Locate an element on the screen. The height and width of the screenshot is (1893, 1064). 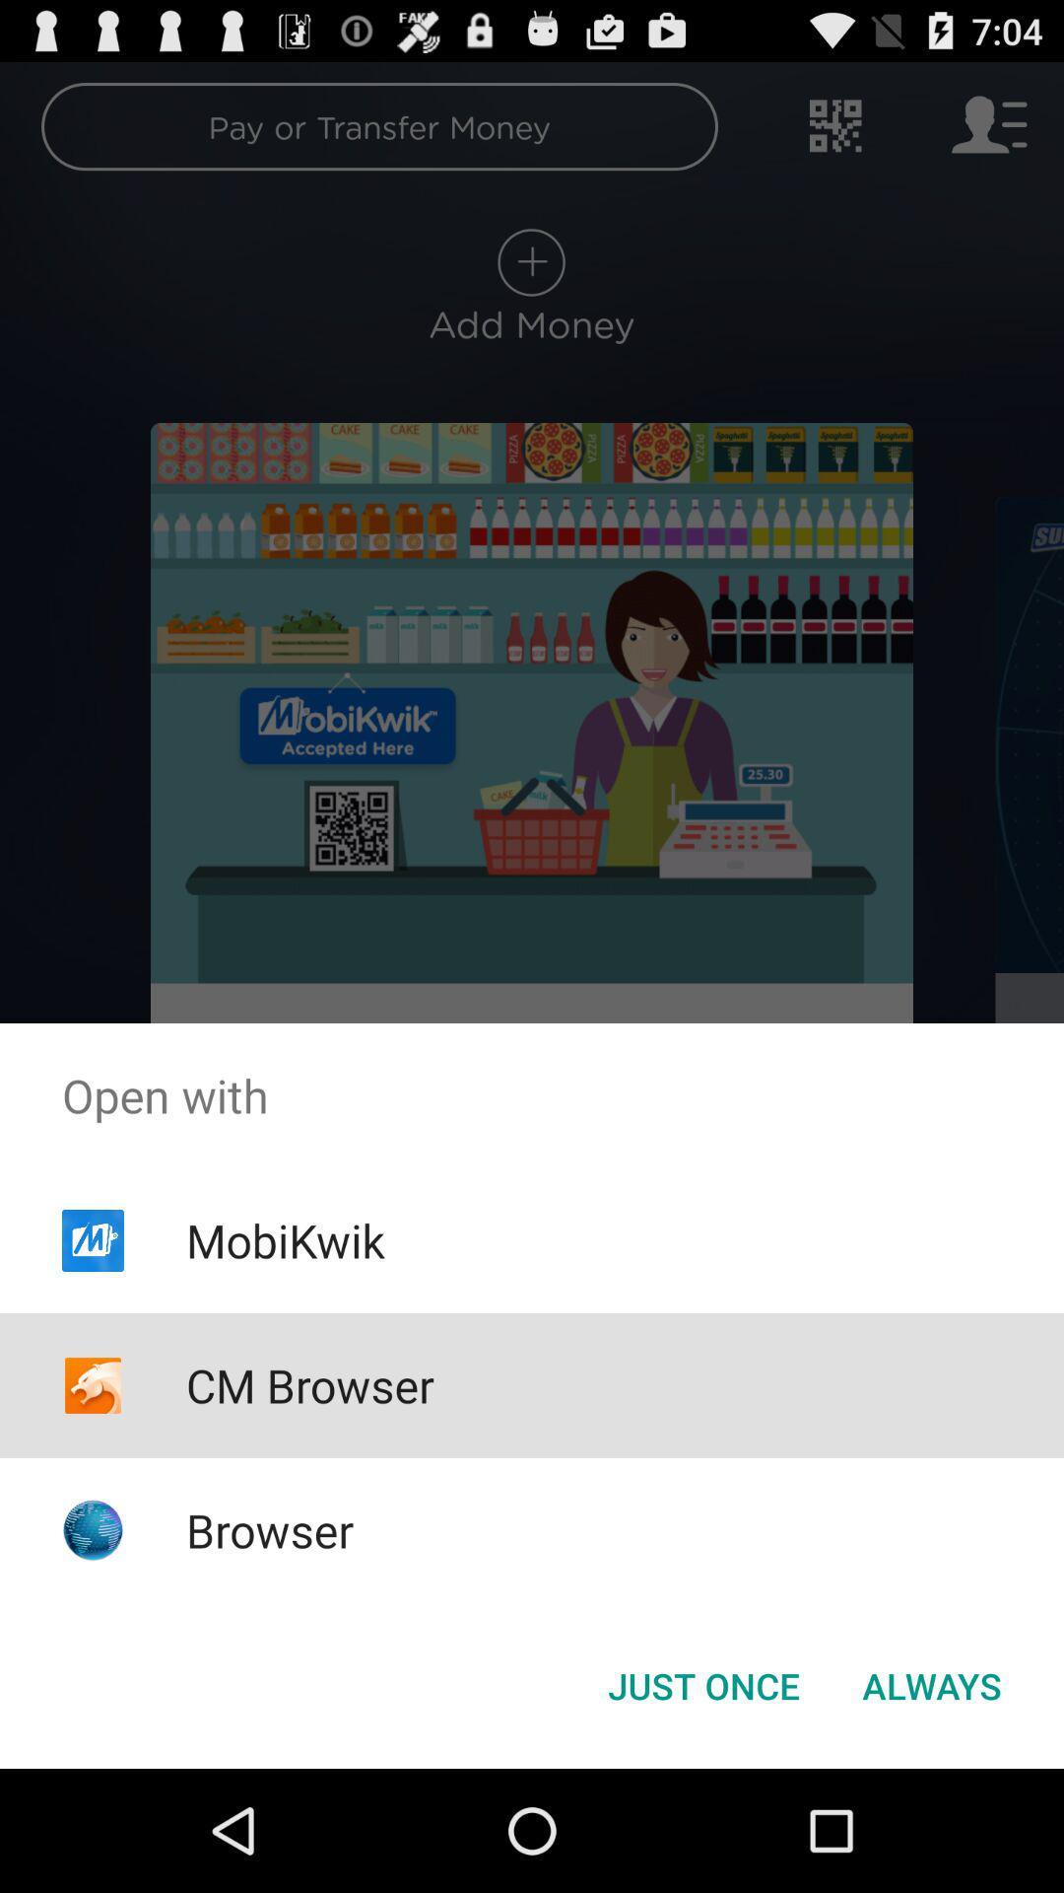
item below mobikwik item is located at coordinates (310, 1384).